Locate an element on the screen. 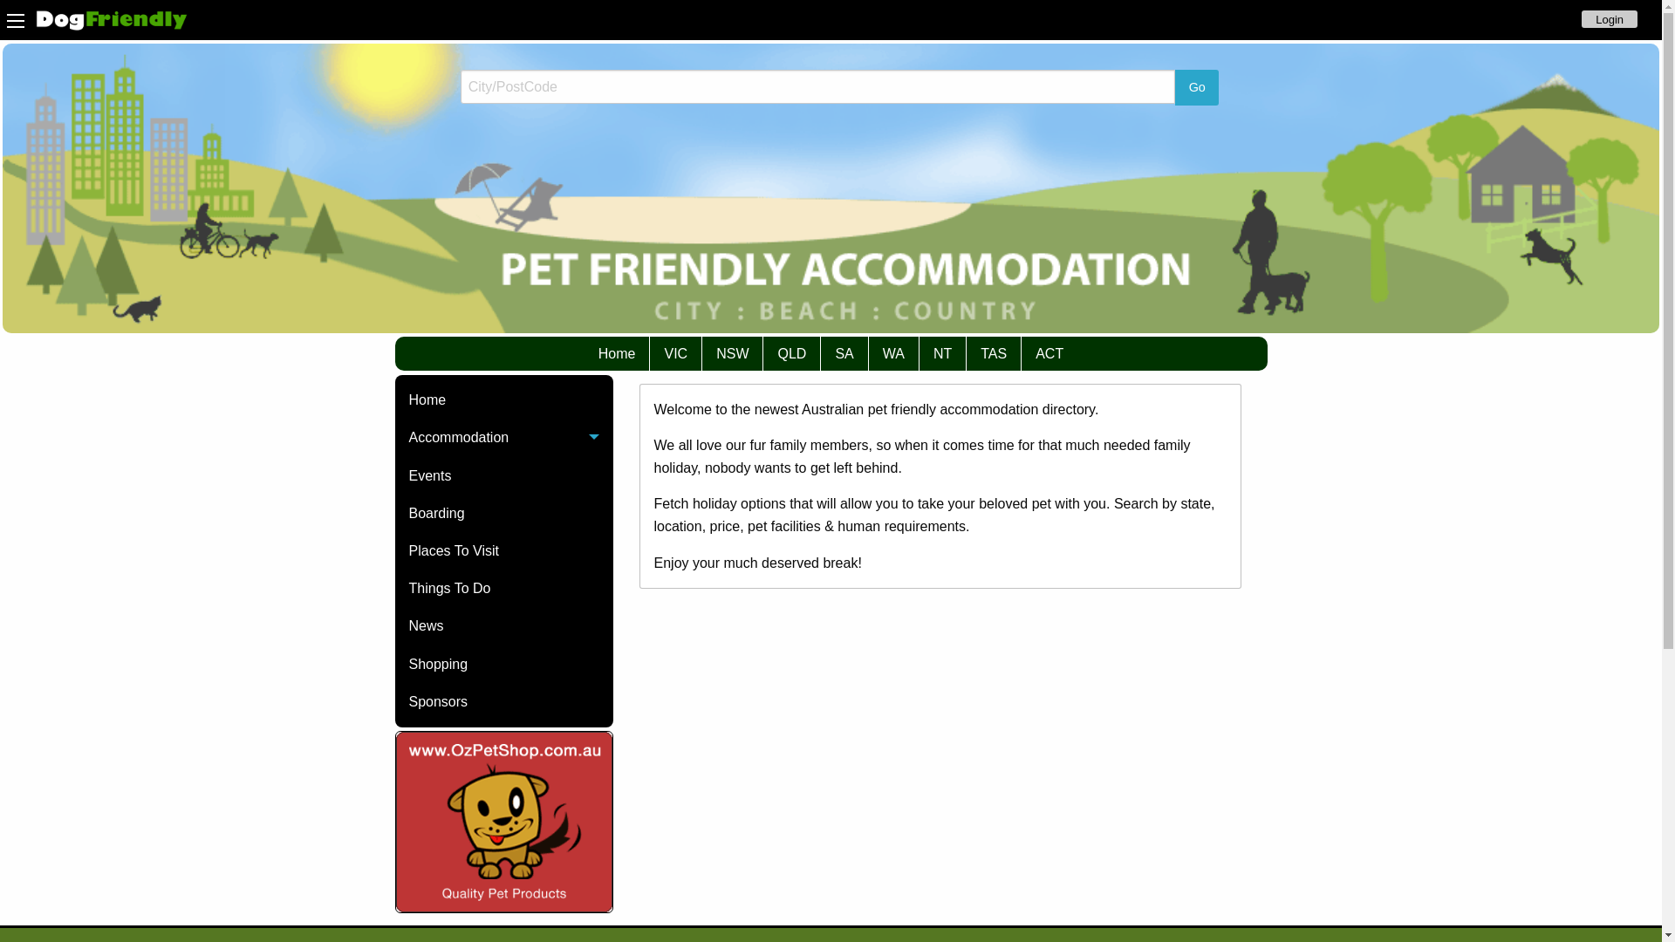 The image size is (1675, 942). 'Shopping' is located at coordinates (393, 664).